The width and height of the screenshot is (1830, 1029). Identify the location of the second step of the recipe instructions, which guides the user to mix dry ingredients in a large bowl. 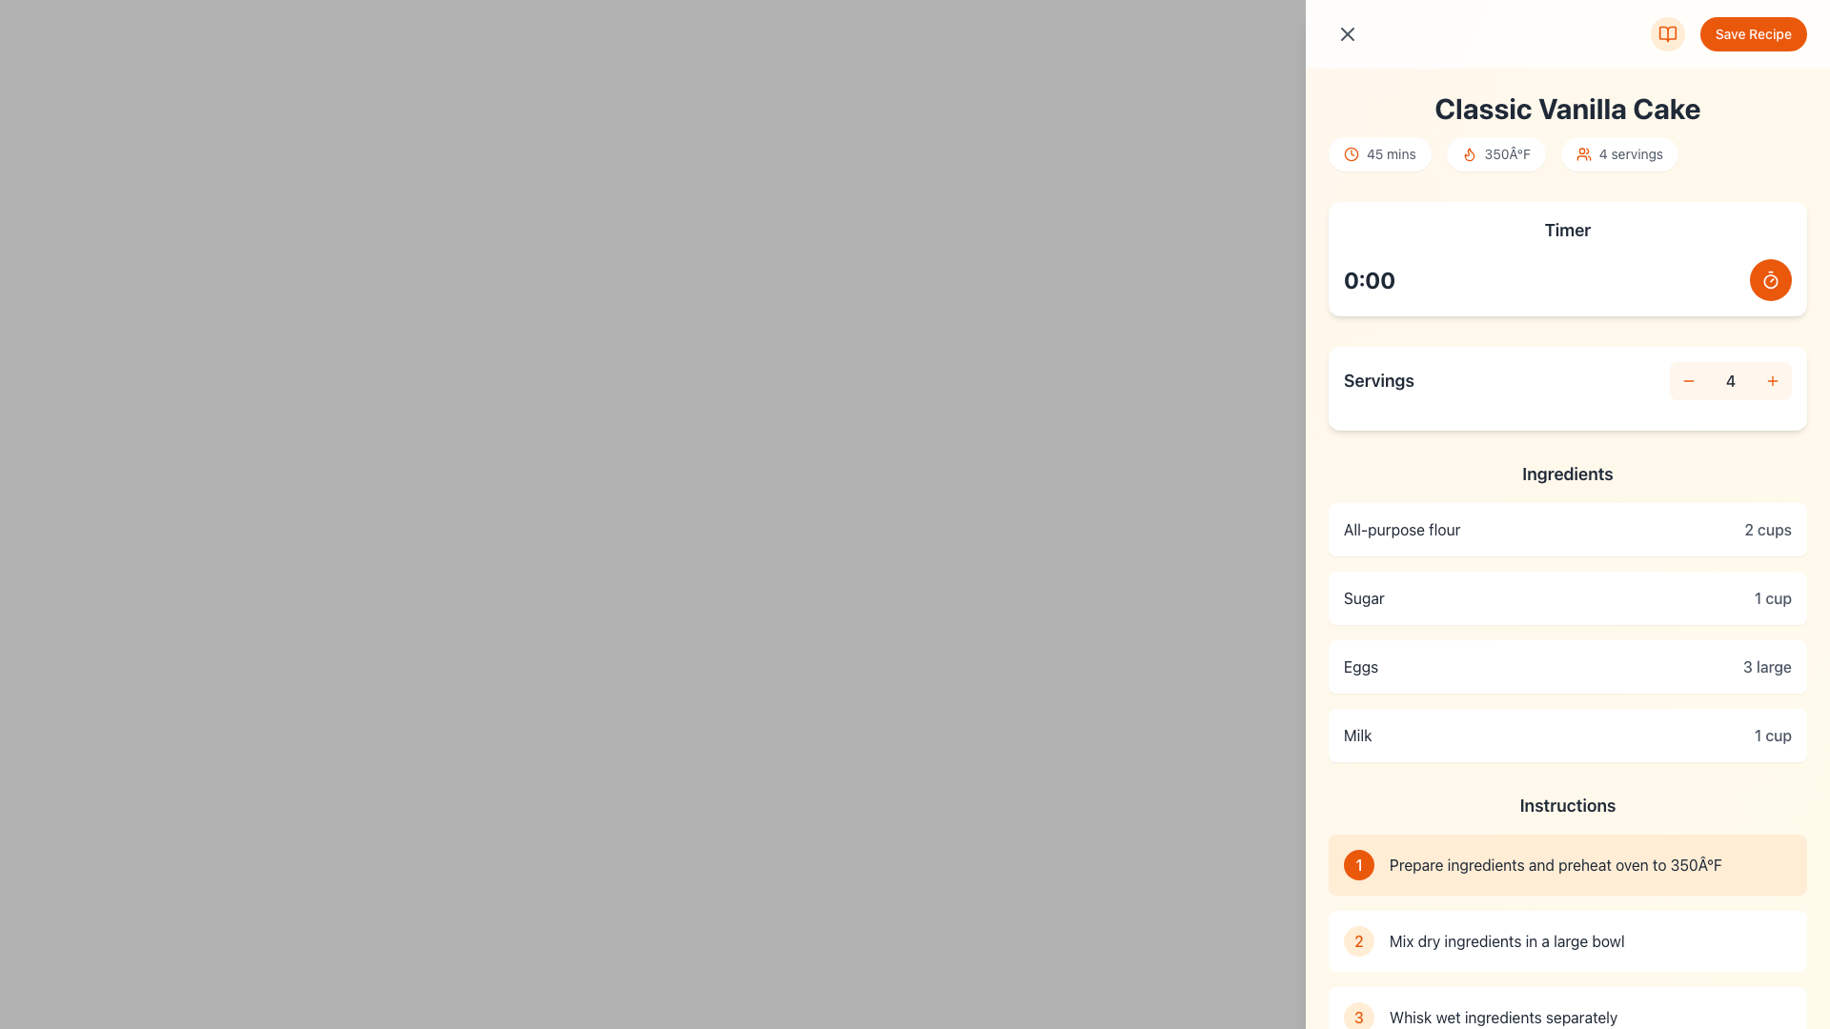
(1568, 939).